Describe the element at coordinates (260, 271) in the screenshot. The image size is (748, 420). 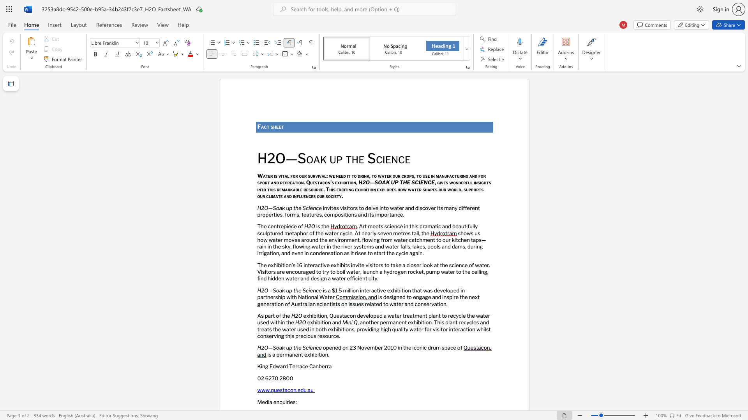
I see `the space between the continuous character "V" and "i" in the text` at that location.